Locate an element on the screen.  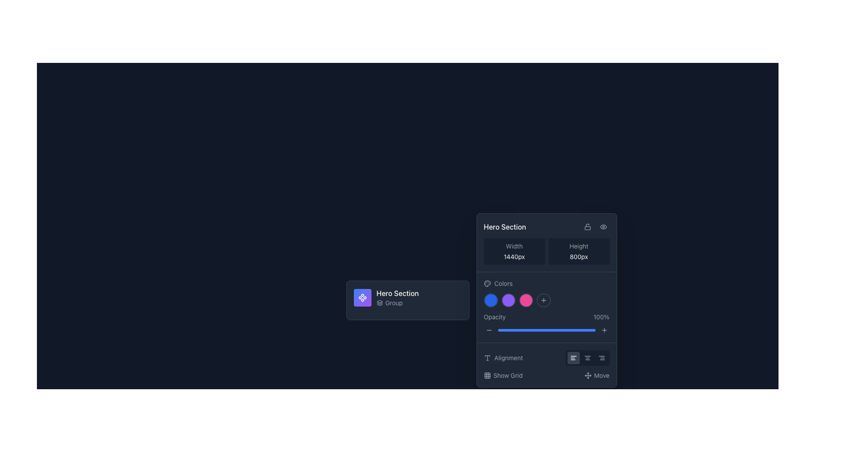
the informational label located in the lower-left section of the 'Hero Section' module, positioned directly below the text 'Hero Section' is located at coordinates (397, 303).